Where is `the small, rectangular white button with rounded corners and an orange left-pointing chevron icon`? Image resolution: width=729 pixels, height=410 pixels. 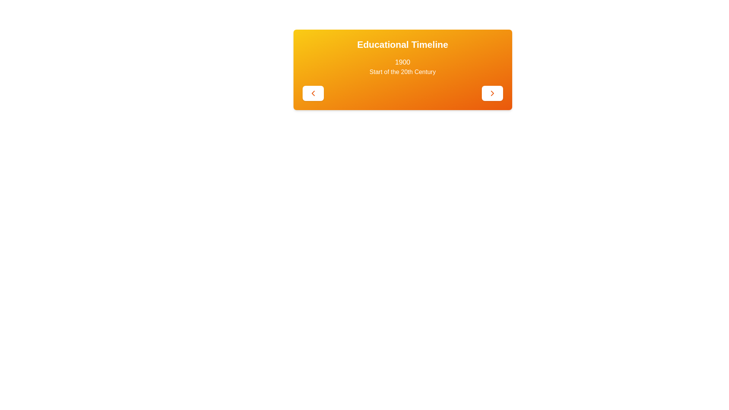 the small, rectangular white button with rounded corners and an orange left-pointing chevron icon is located at coordinates (313, 93).